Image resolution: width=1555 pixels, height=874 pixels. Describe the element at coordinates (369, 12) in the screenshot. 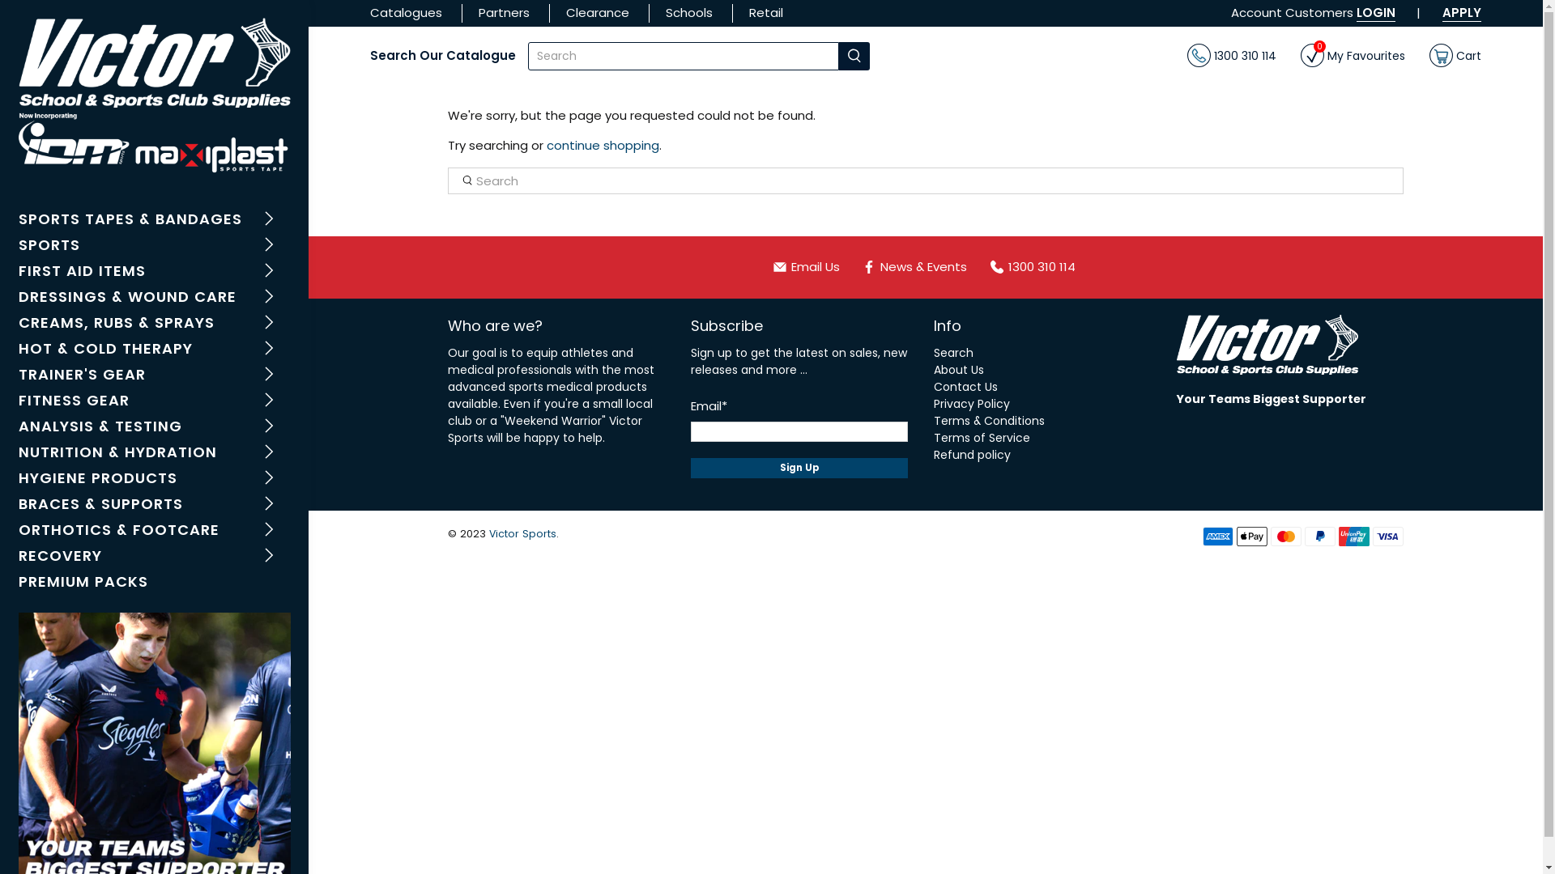

I see `'Catalogues'` at that location.